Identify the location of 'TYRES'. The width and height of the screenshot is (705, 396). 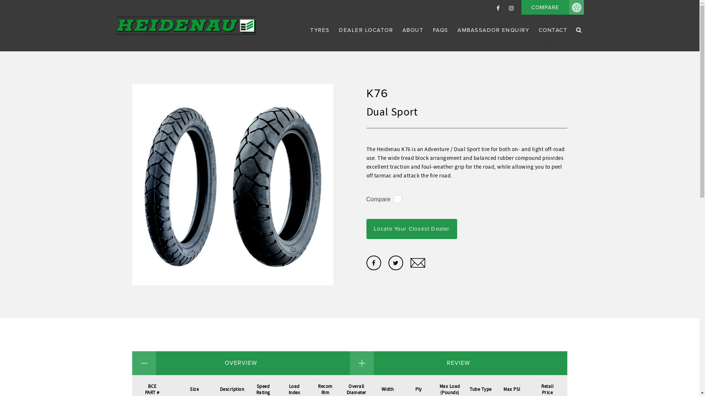
(320, 38).